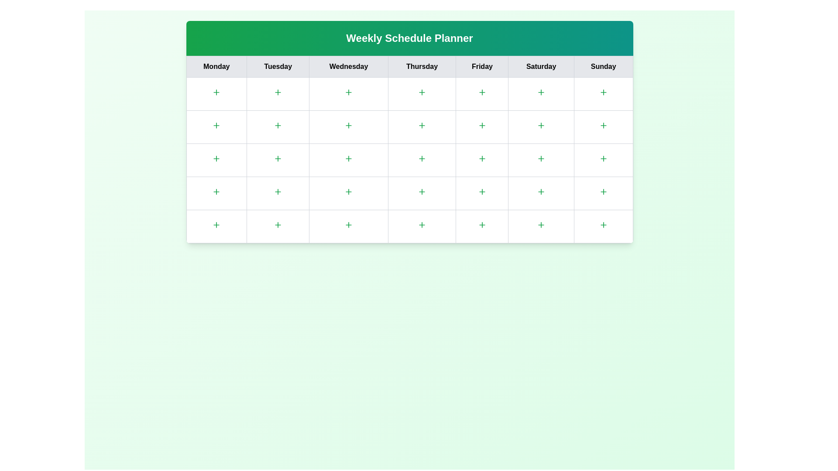  What do you see at coordinates (481, 66) in the screenshot?
I see `the column header for Friday` at bounding box center [481, 66].